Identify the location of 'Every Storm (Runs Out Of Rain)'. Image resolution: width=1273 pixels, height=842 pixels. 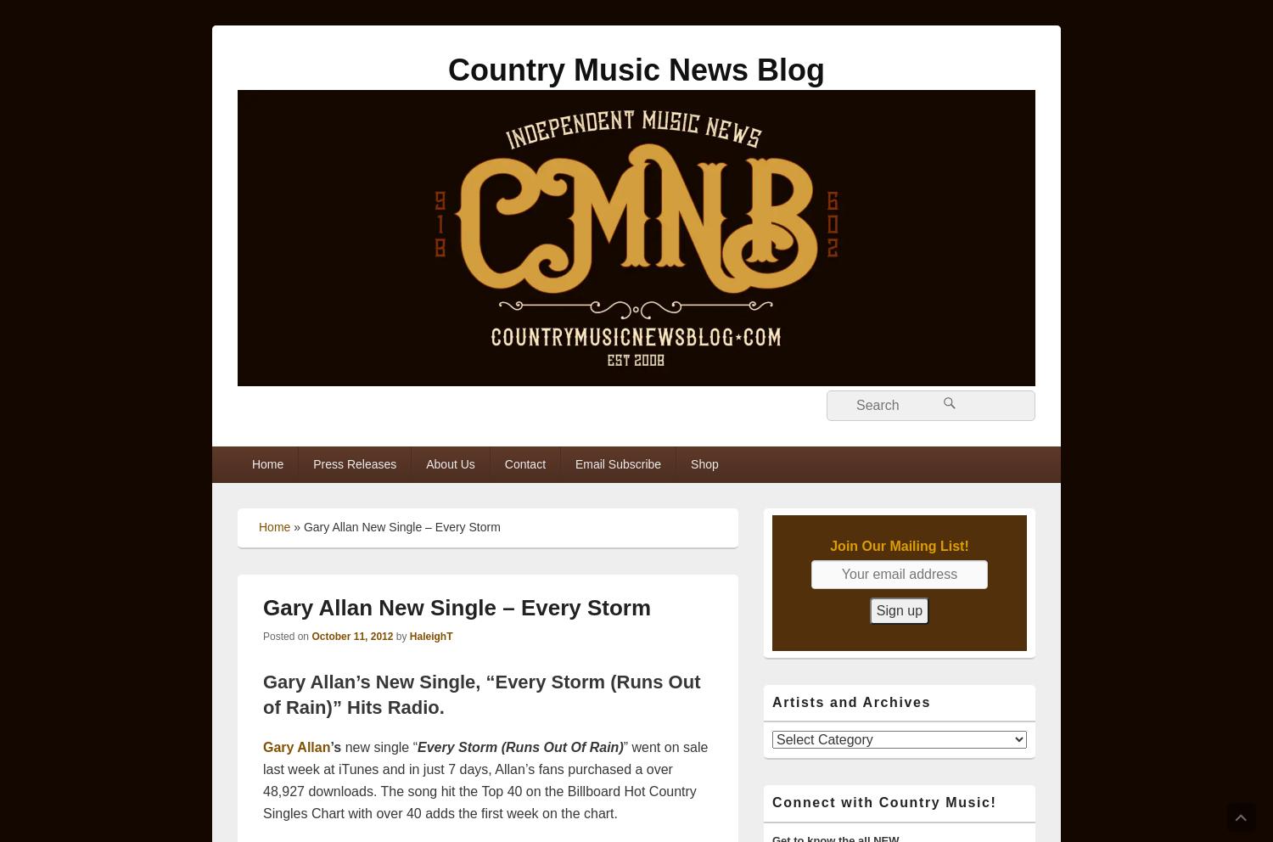
(417, 747).